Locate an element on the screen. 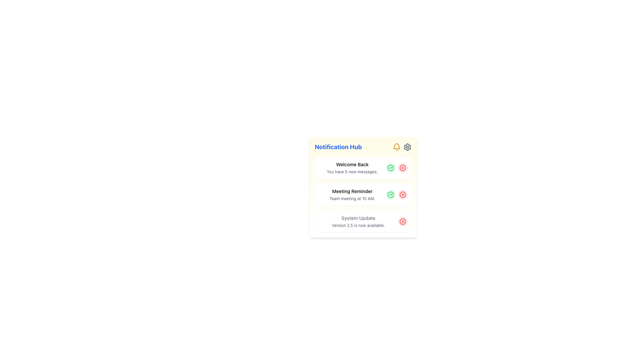 The height and width of the screenshot is (362, 644). the 'Welcome Back' text label, which is styled in medium-weight, small-sized black font and is located in the header of the notification section is located at coordinates (352, 164).